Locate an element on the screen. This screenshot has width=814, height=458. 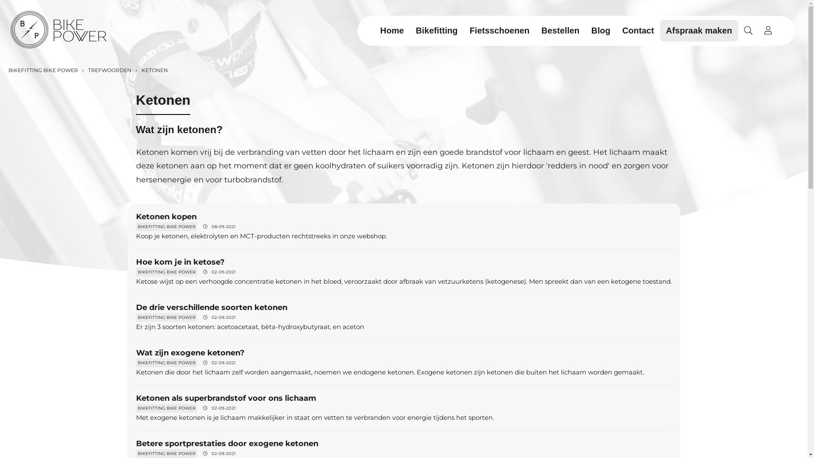
'Blog' is located at coordinates (600, 30).